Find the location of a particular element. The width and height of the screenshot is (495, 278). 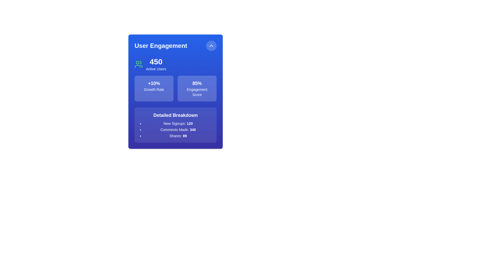

displayed information from the static text label indicating the number of shares recorded, which shows a value of '89' is located at coordinates (178, 136).